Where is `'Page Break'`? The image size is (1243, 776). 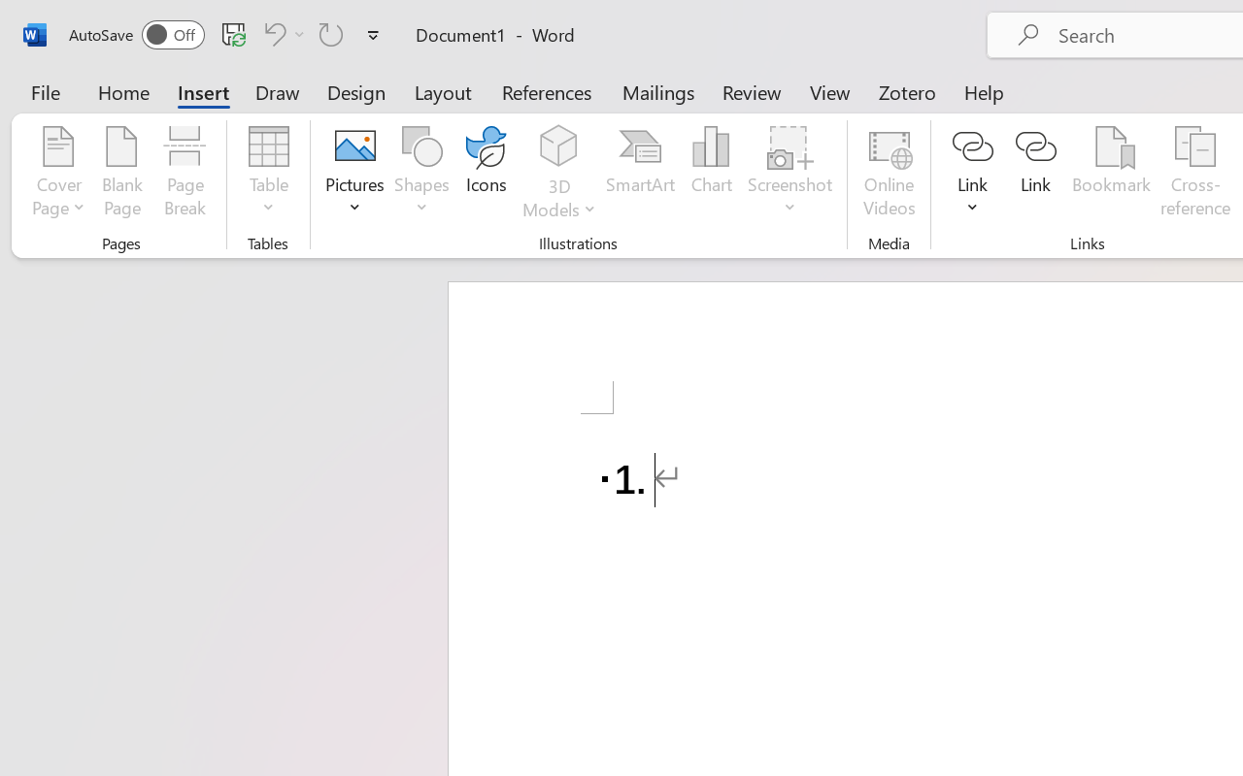 'Page Break' is located at coordinates (185, 174).